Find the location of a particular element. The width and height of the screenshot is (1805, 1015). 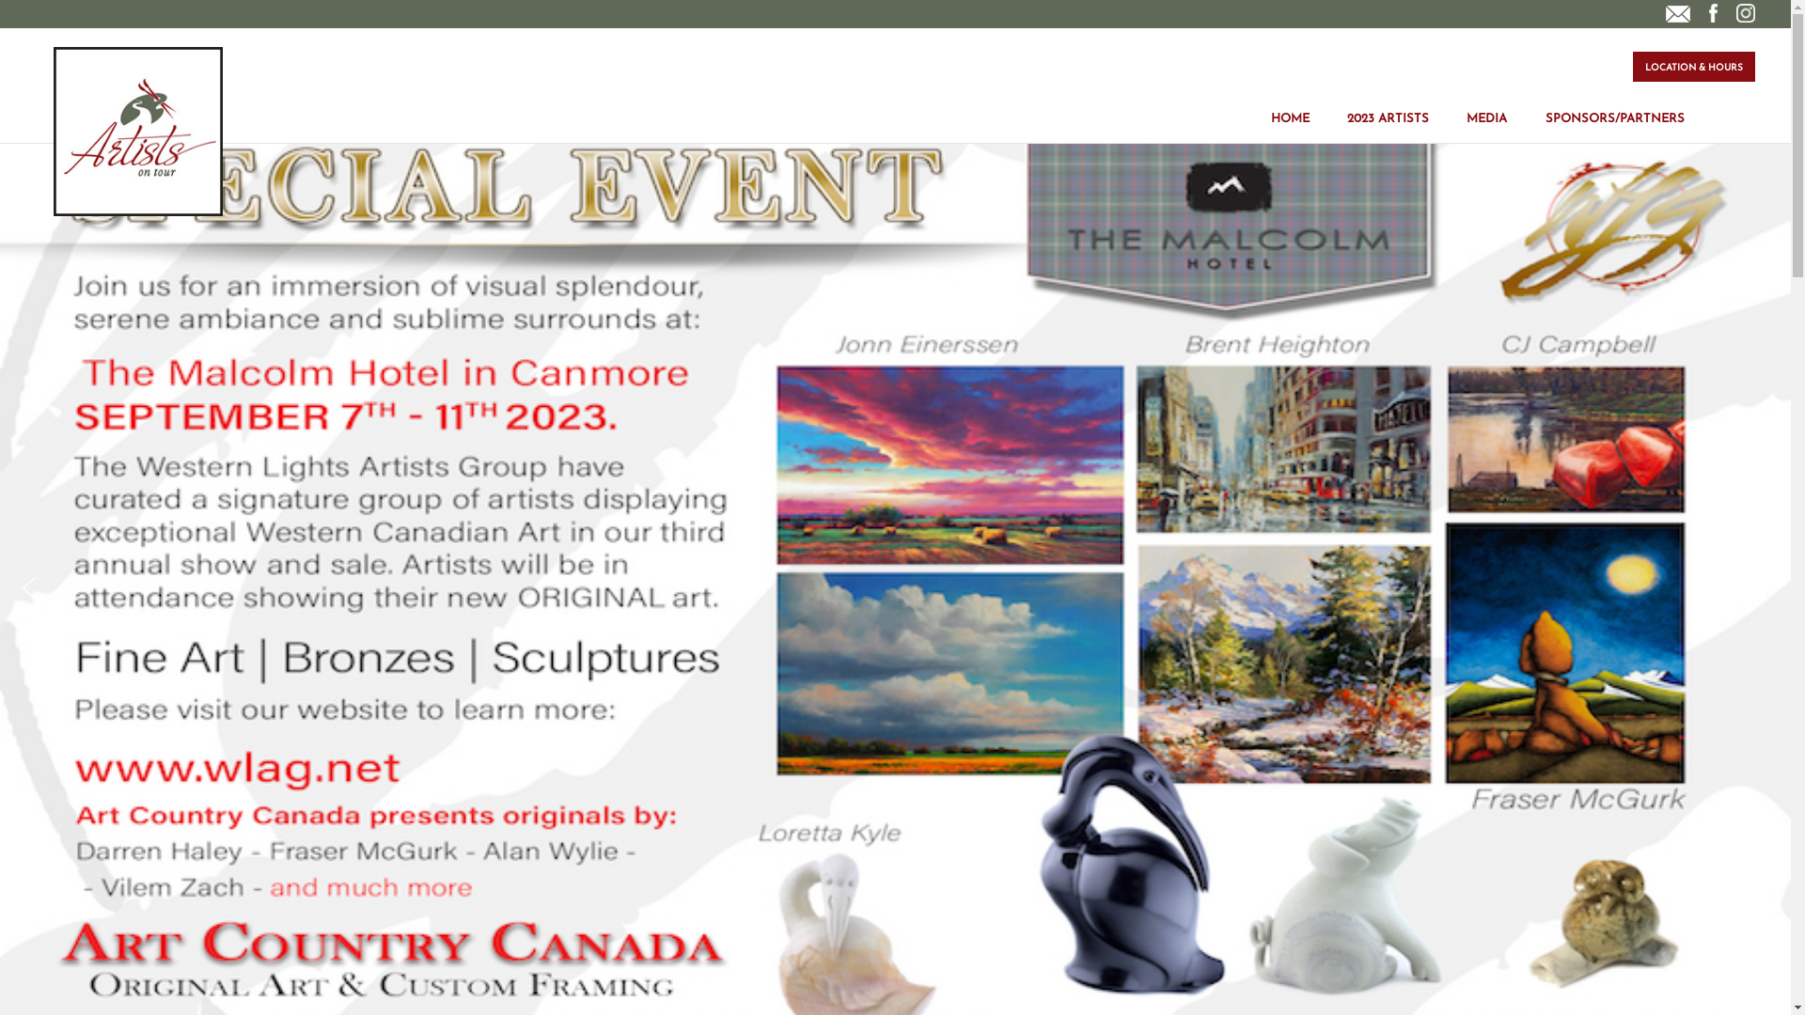

'SPONSORS/PARTNERS' is located at coordinates (1614, 104).